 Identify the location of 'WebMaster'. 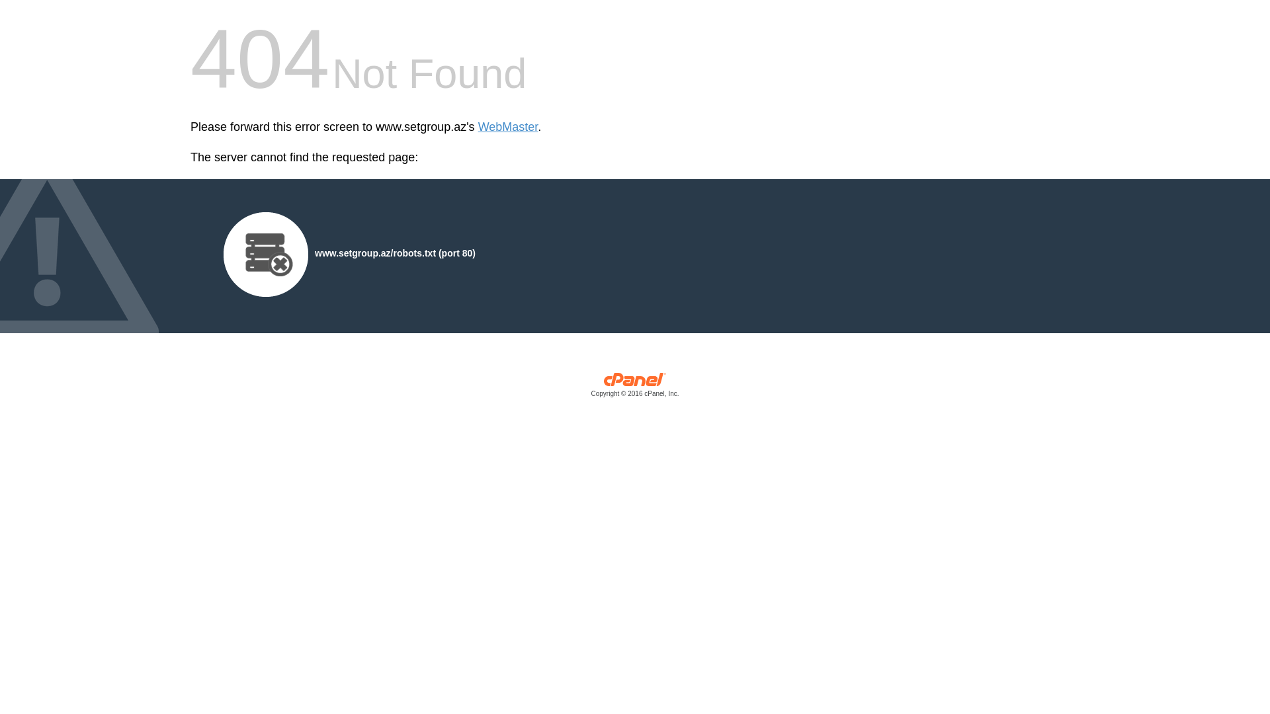
(507, 127).